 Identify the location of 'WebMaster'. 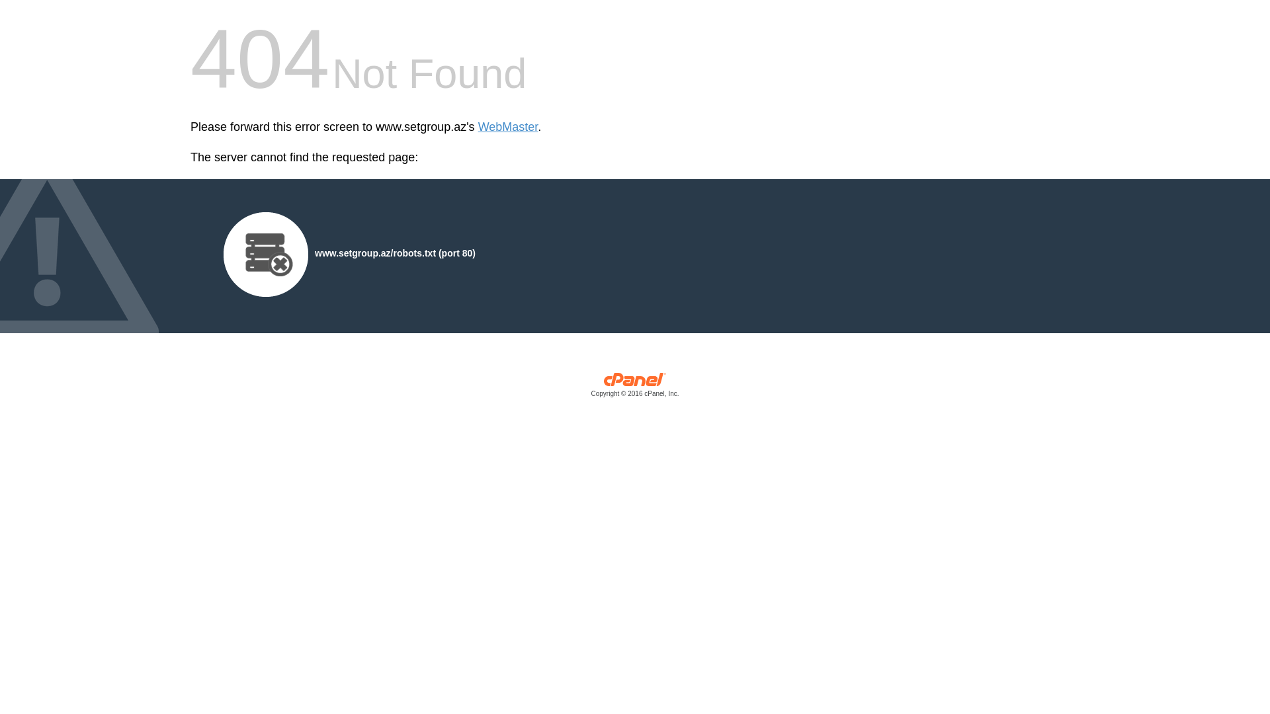
(507, 127).